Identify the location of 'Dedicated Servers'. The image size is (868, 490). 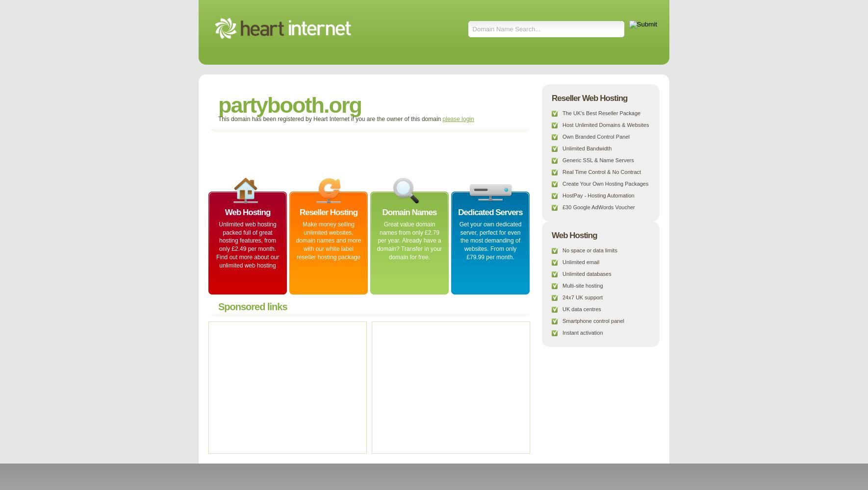
(489, 212).